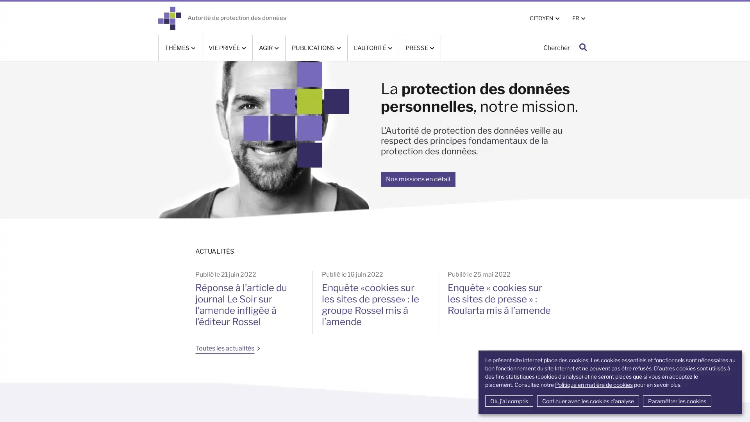 Image resolution: width=750 pixels, height=422 pixels. I want to click on Continuer avec les cookies d'analyse, so click(587, 401).